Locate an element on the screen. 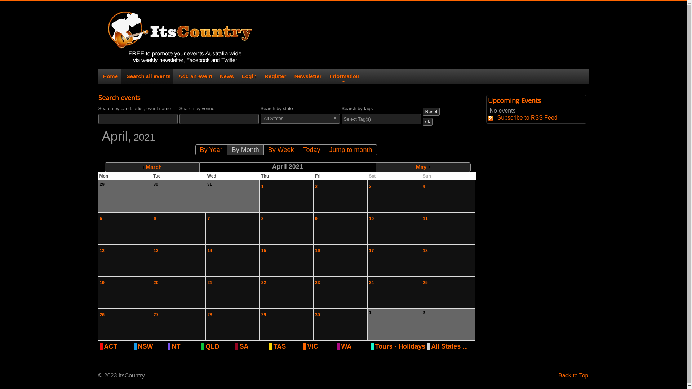 Image resolution: width=692 pixels, height=389 pixels. 'By Year' is located at coordinates (210, 149).